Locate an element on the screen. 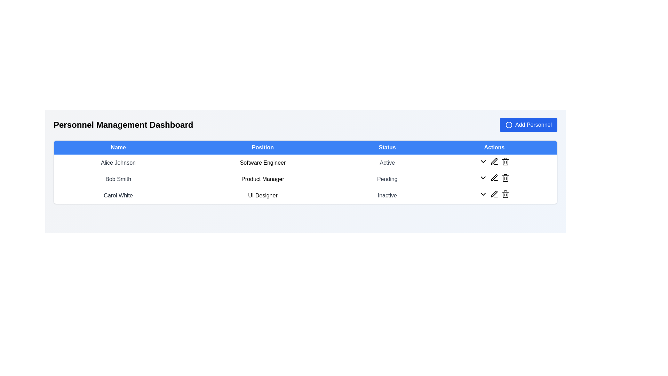 Image resolution: width=668 pixels, height=376 pixels. the trash bin icon located in the third row under the 'Actions' column is located at coordinates (505, 195).